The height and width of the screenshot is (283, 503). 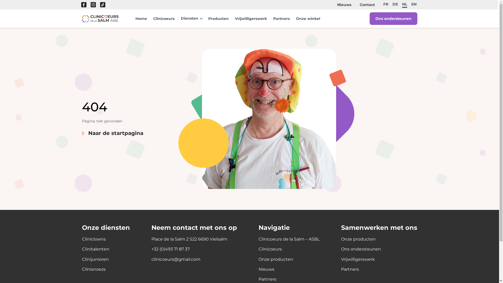 I want to click on 'Place de la Salm 2 S22 6690 Vielsalm', so click(x=189, y=239).